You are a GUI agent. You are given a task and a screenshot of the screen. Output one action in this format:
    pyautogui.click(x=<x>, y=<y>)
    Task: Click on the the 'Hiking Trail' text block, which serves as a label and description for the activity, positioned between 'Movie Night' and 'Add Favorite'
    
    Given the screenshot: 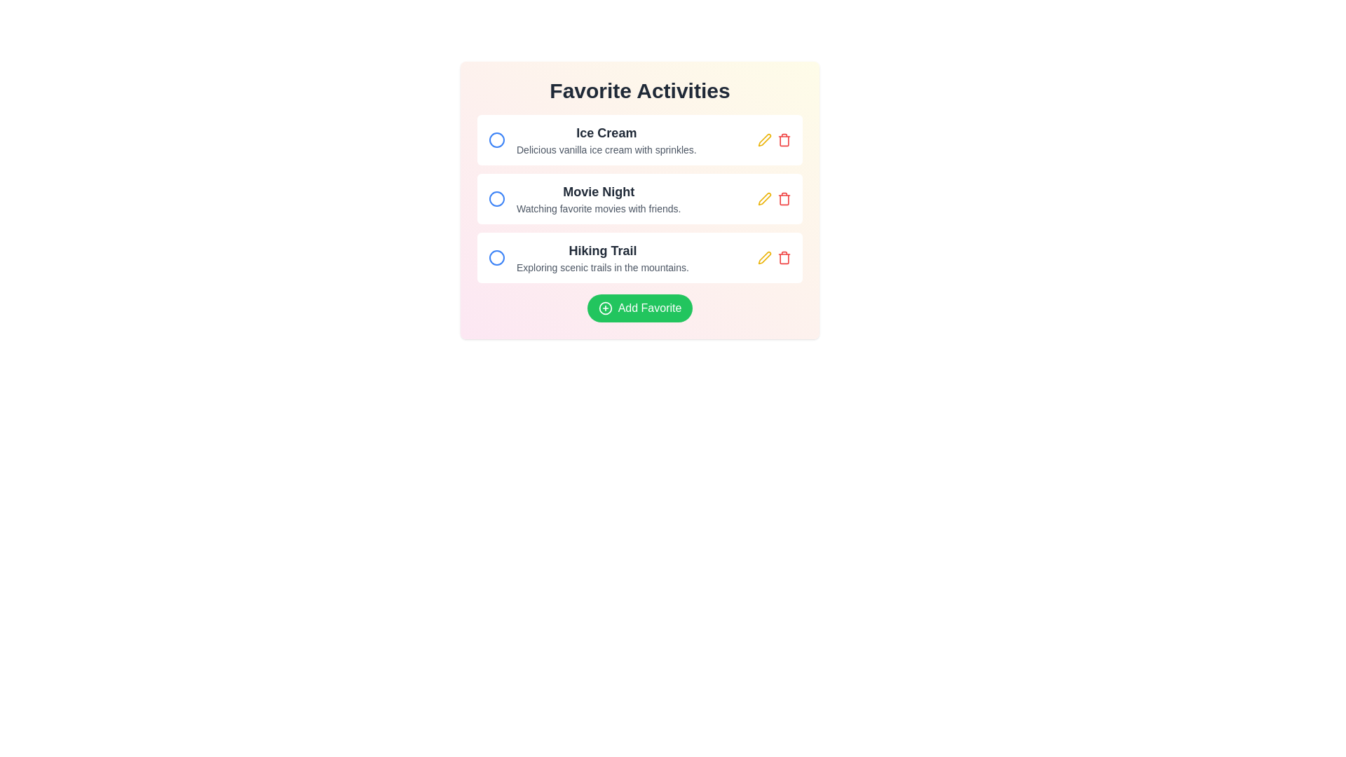 What is the action you would take?
    pyautogui.click(x=602, y=257)
    